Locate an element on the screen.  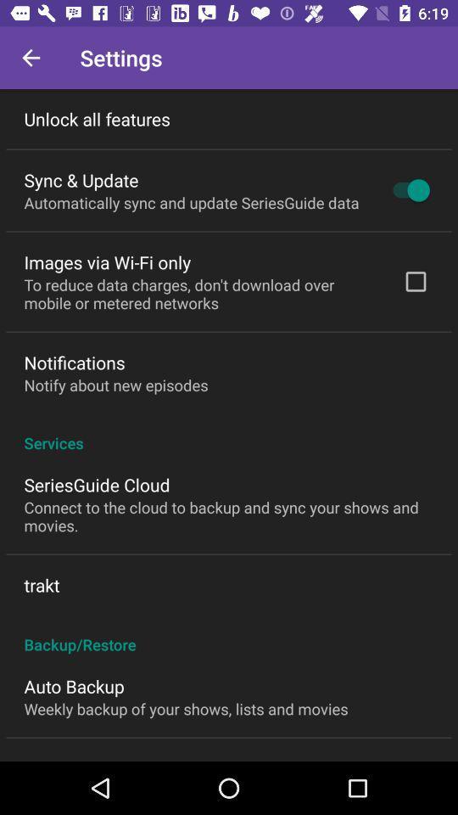
notifications icon is located at coordinates (74, 363).